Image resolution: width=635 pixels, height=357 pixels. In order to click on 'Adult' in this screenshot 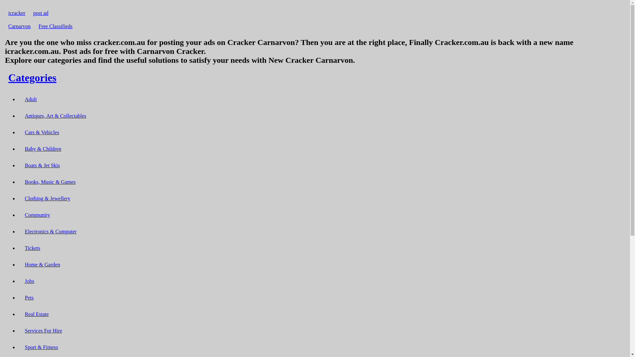, I will do `click(30, 99)`.